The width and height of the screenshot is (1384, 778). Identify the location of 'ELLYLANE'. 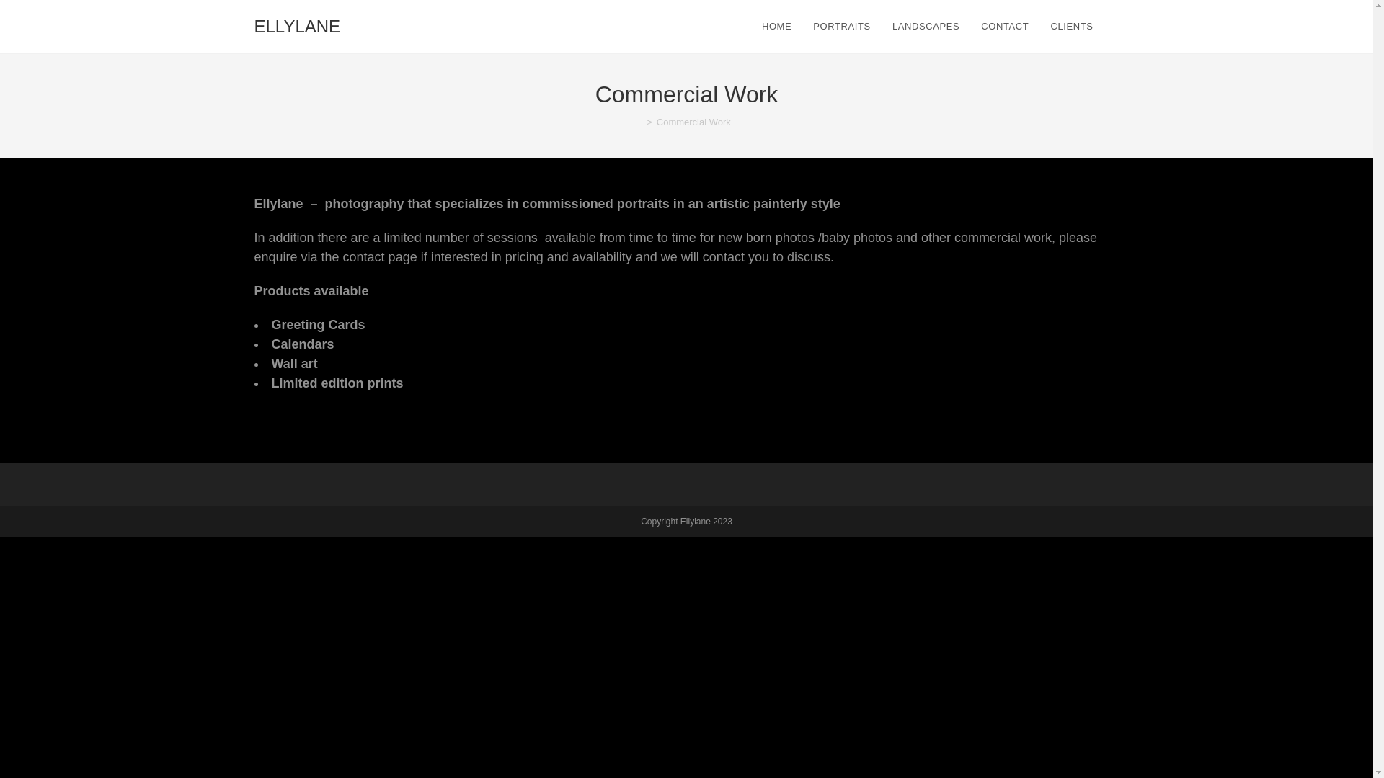
(296, 27).